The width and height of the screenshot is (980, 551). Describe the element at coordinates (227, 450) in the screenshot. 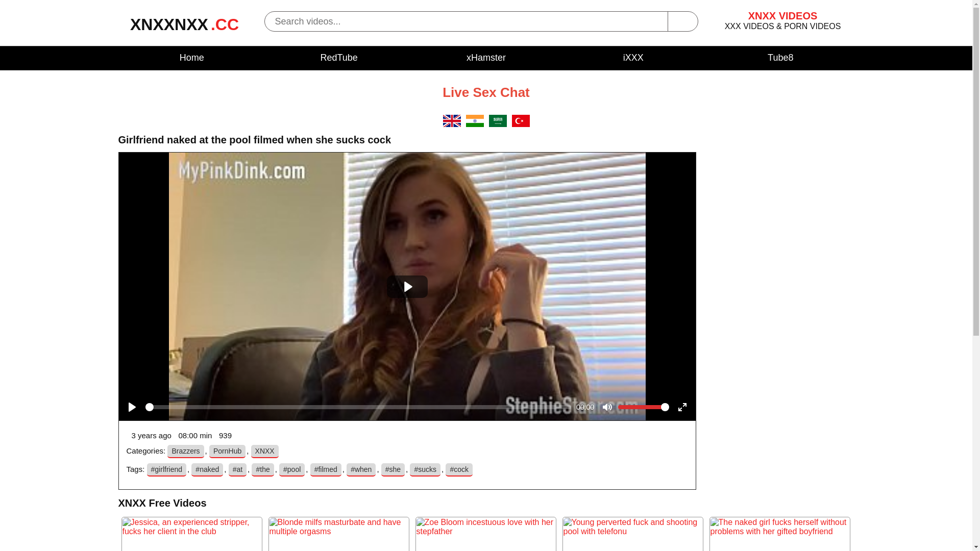

I see `'PornHub'` at that location.